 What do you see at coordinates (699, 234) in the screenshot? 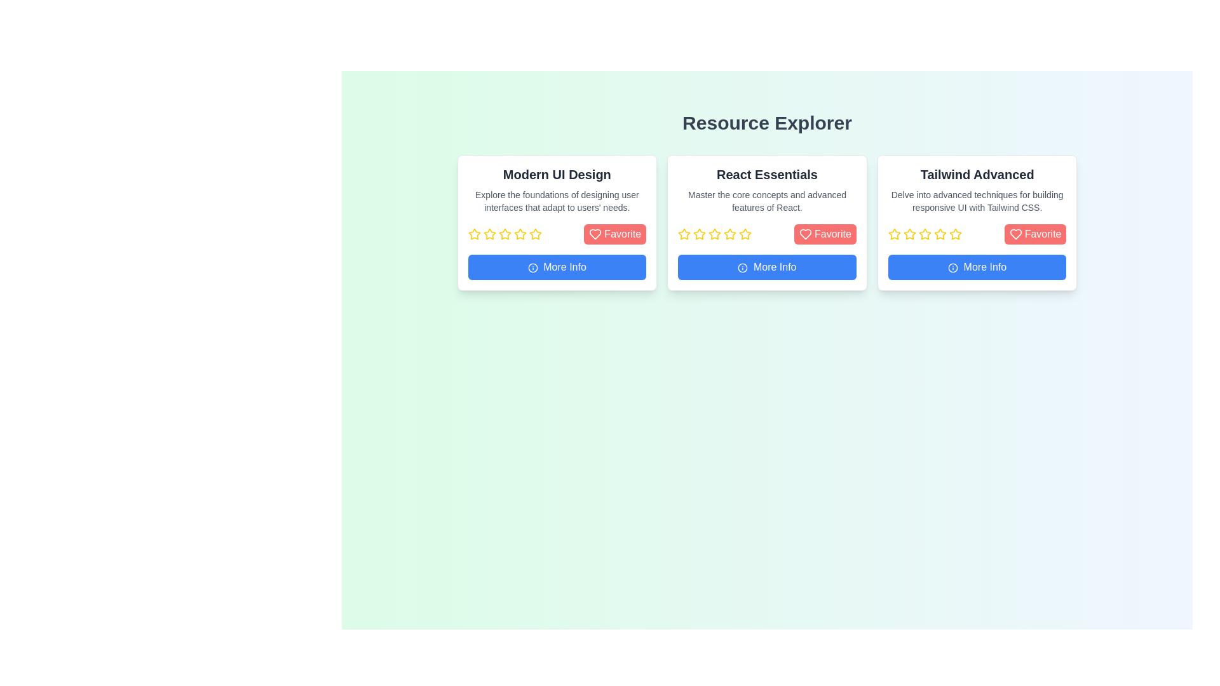
I see `the second star icon in the five-star rating component within the 'React Essentials' card` at bounding box center [699, 234].